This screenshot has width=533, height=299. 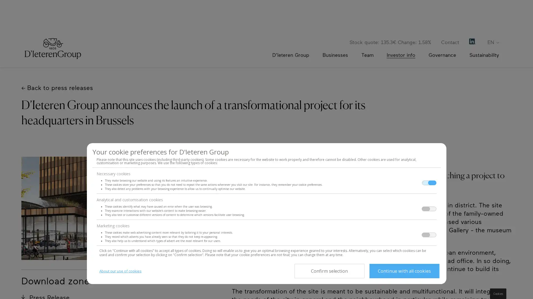 What do you see at coordinates (404, 271) in the screenshot?
I see `Close Consent Modal` at bounding box center [404, 271].